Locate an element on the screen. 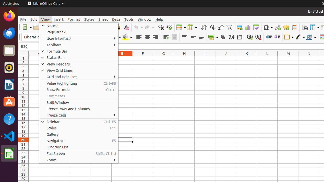  'Row' is located at coordinates (181, 27).